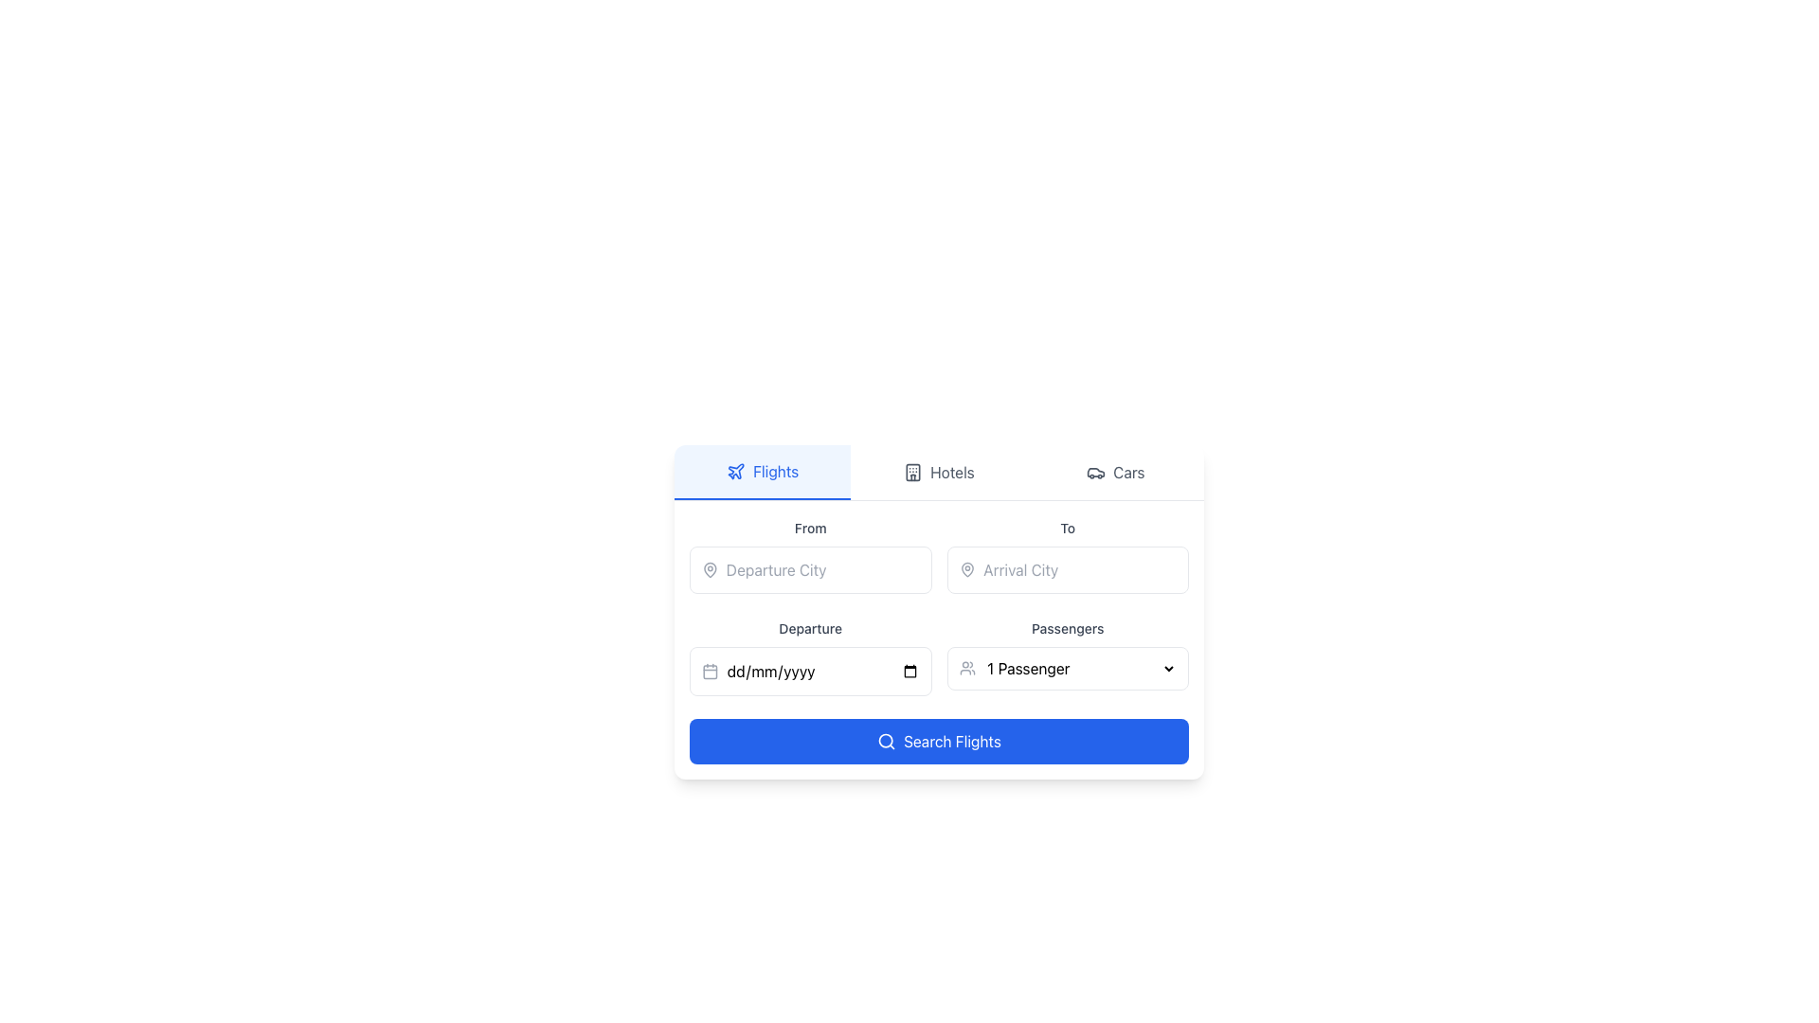 This screenshot has width=1819, height=1023. Describe the element at coordinates (967, 667) in the screenshot. I see `the icon representing a group of people, which is styled in a line-based format and located to the left of the 'Passenger' dropdown menu in the 'Passengers' section of the interface` at that location.